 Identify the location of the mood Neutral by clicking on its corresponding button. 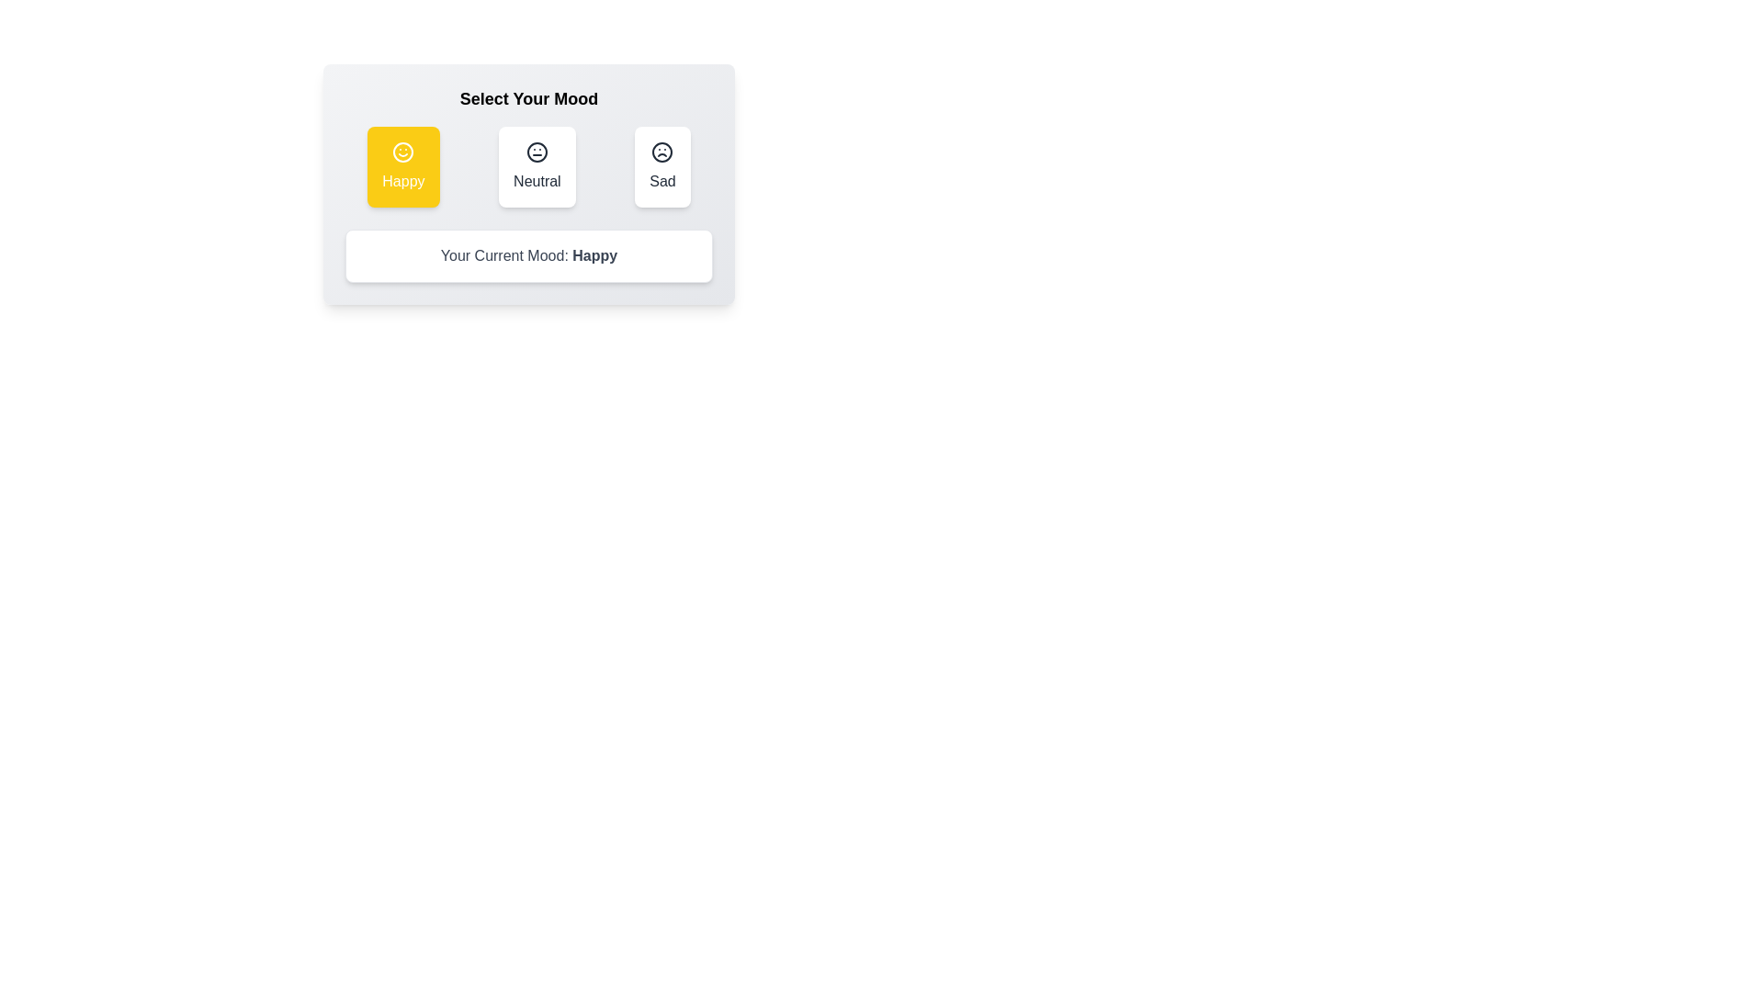
(536, 166).